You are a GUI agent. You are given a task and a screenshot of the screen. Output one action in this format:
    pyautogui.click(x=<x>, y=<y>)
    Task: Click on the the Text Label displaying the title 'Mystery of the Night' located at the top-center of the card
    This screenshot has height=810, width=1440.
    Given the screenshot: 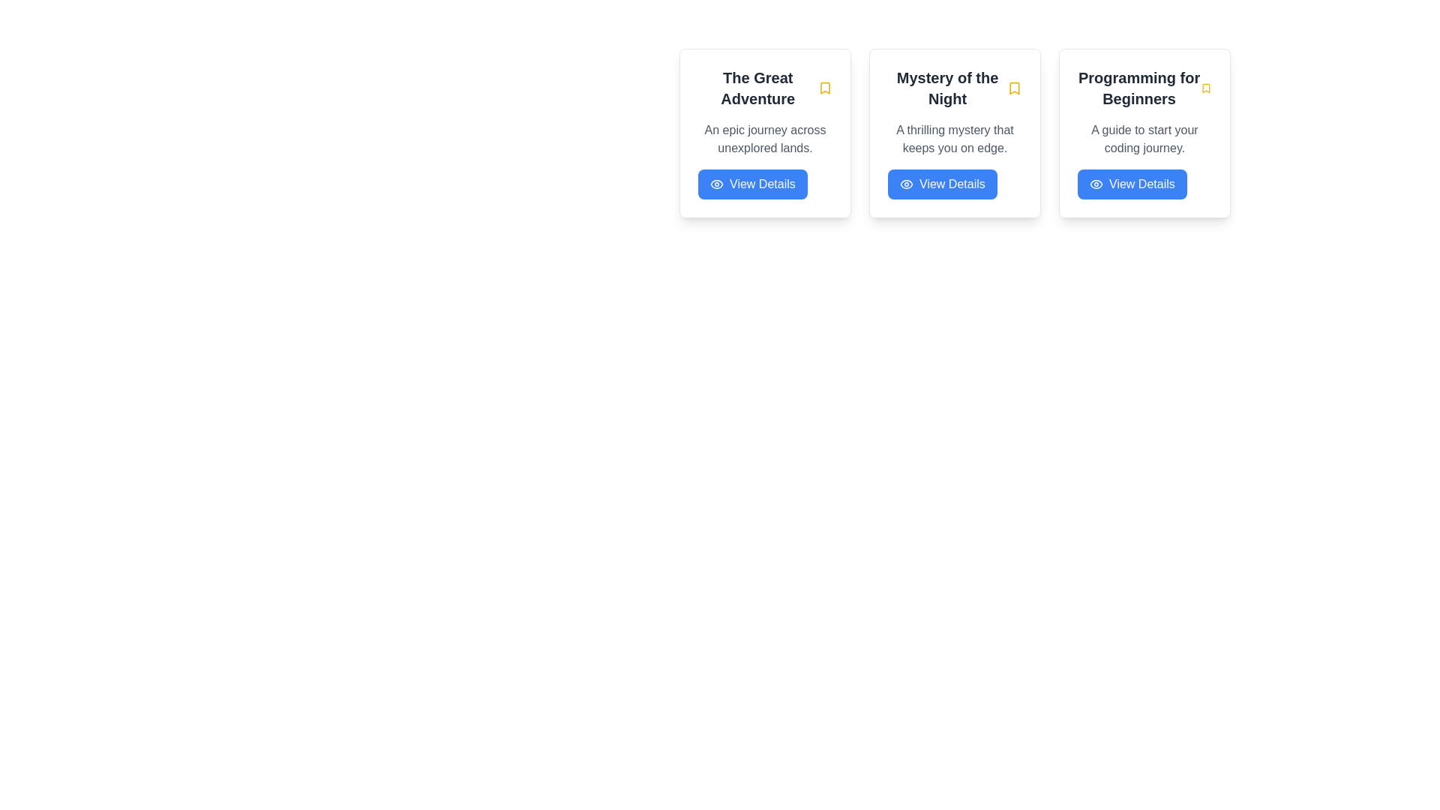 What is the action you would take?
    pyautogui.click(x=946, y=88)
    